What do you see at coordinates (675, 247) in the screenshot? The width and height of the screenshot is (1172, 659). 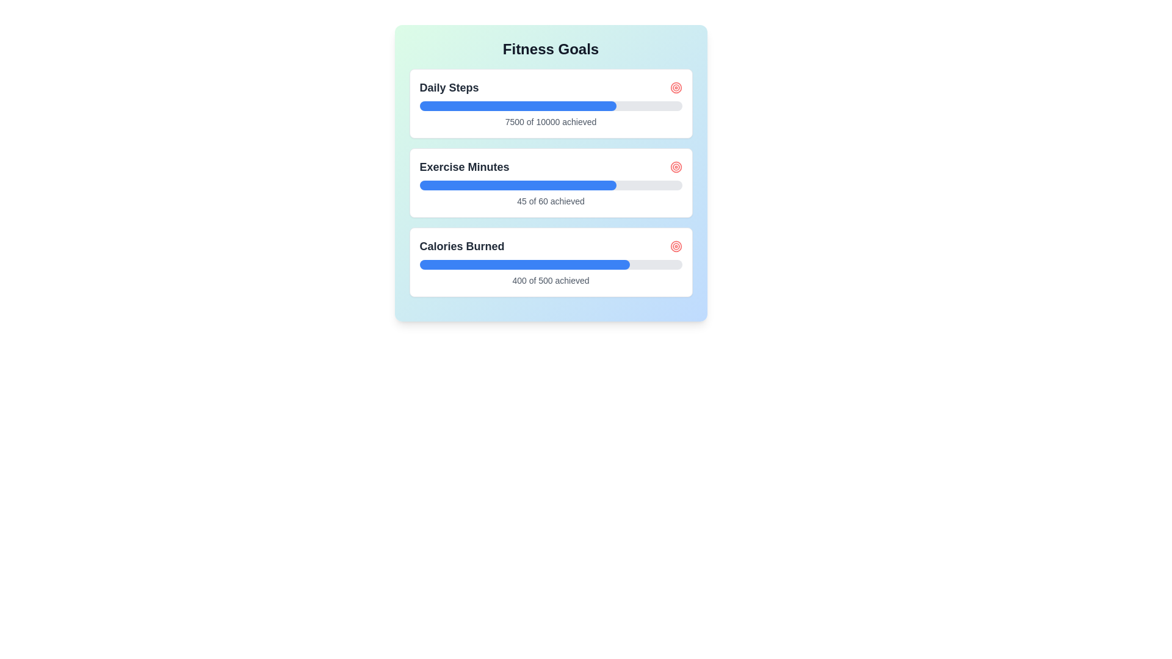 I see `the target-like icon located at the far right of the 'Calories Burned' section within the fitness goals list` at bounding box center [675, 247].